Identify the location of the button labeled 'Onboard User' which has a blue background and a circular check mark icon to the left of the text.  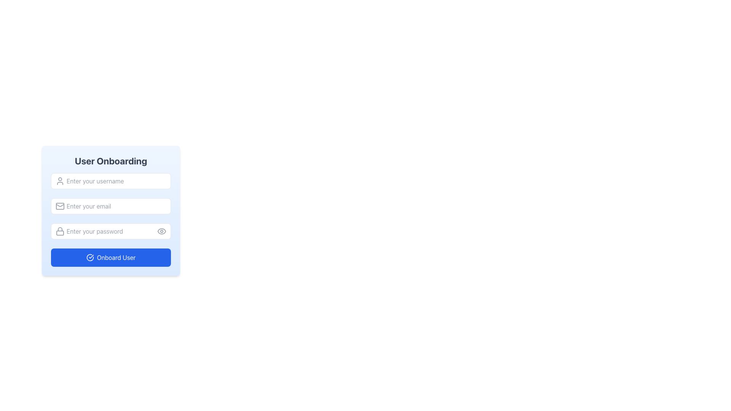
(110, 257).